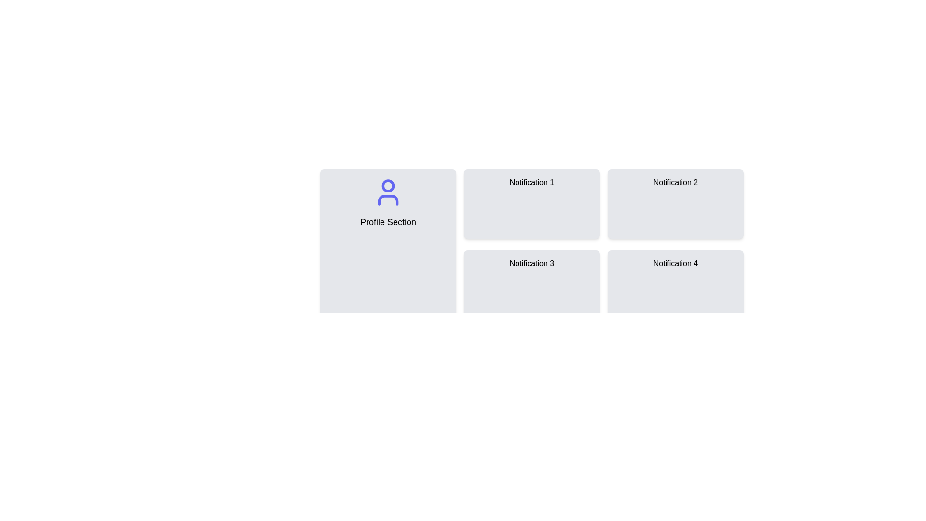 The height and width of the screenshot is (521, 926). I want to click on the decorative shape below the circular head portion of the user profile icon in the Profile Section, so click(388, 200).